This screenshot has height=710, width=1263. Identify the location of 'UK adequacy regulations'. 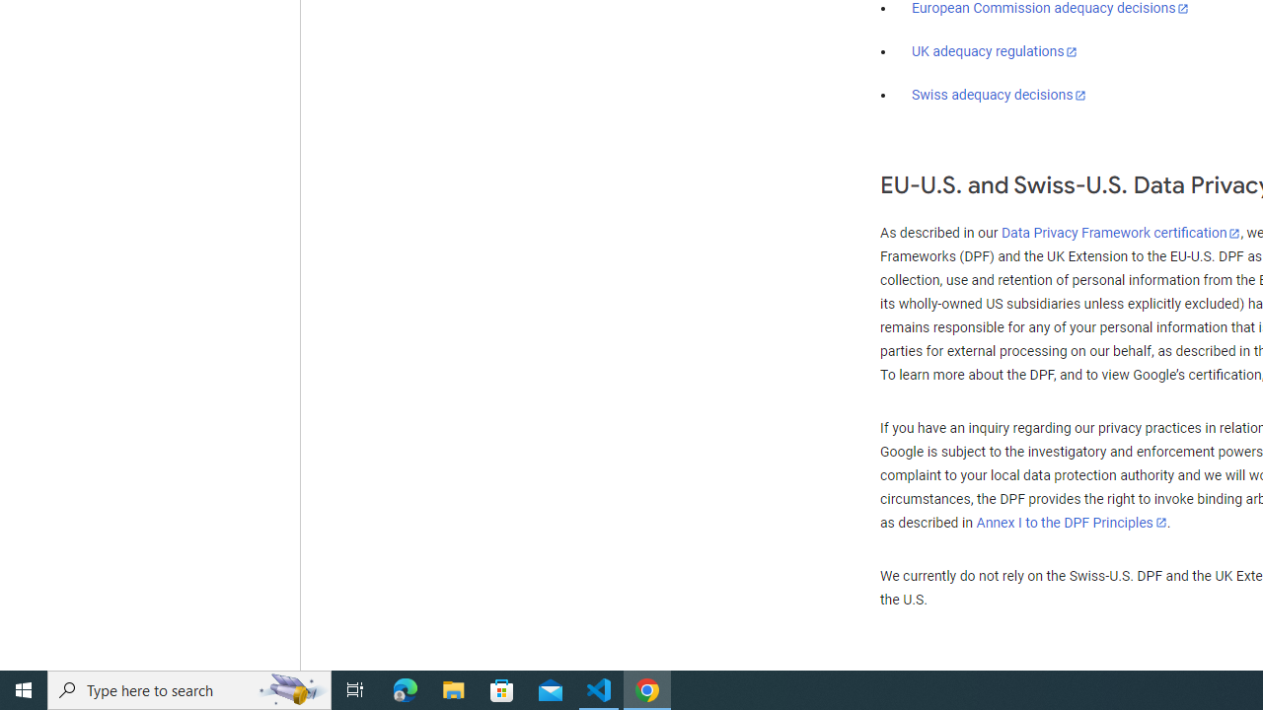
(995, 50).